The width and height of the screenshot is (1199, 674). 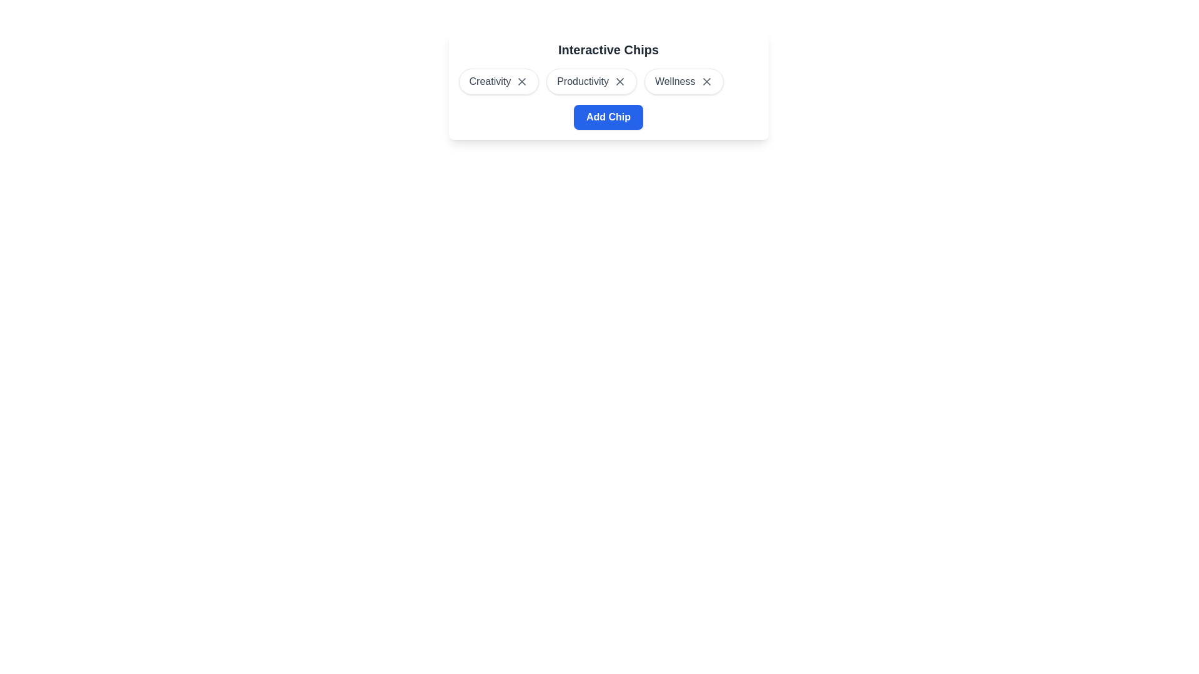 What do you see at coordinates (674, 82) in the screenshot?
I see `the 'Wellness' text label within the third chip component in the horizontal row of interactive chips, which is displayed beneath the title 'Interactive Chips'` at bounding box center [674, 82].